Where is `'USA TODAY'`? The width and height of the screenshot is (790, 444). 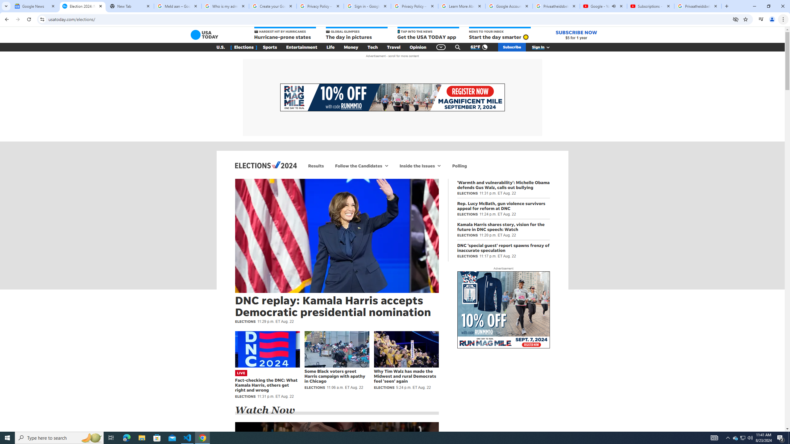
'USA TODAY' is located at coordinates (205, 35).